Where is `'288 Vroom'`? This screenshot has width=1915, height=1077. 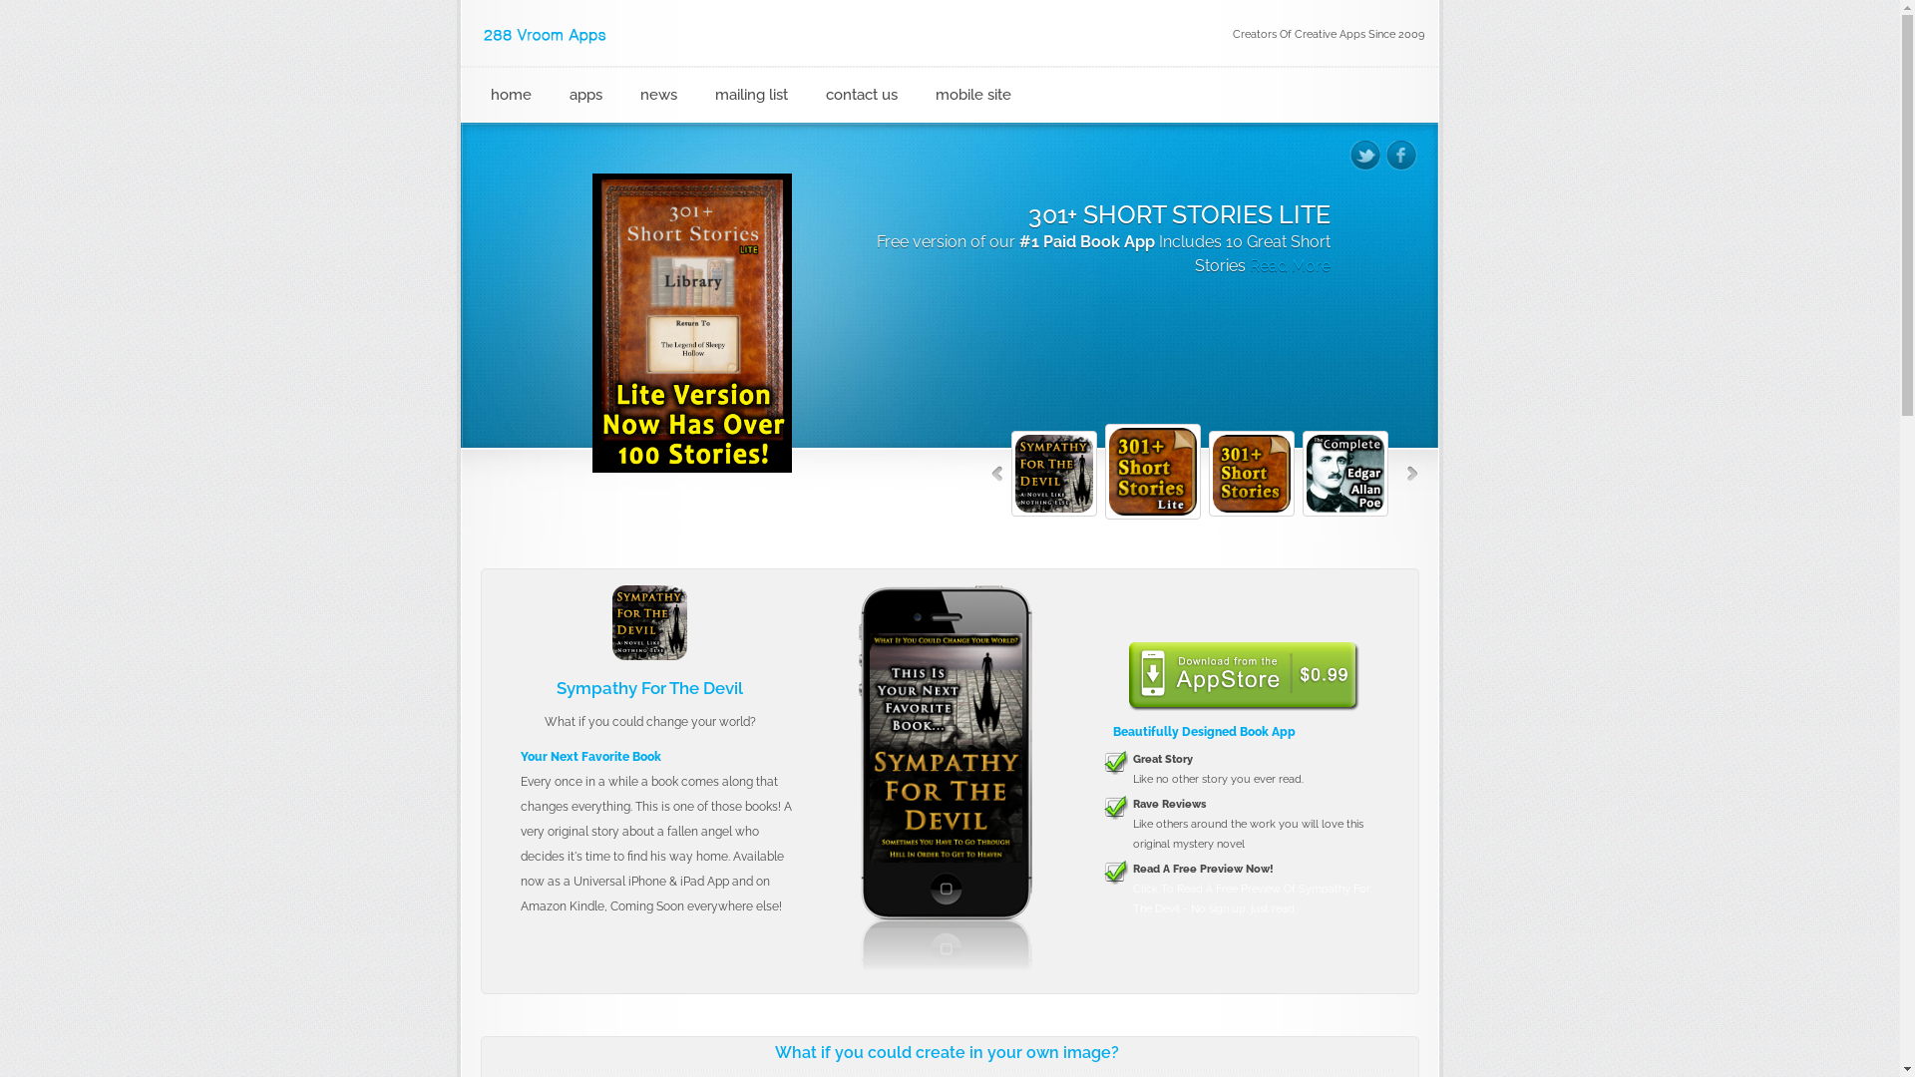 '288 Vroom' is located at coordinates (546, 35).